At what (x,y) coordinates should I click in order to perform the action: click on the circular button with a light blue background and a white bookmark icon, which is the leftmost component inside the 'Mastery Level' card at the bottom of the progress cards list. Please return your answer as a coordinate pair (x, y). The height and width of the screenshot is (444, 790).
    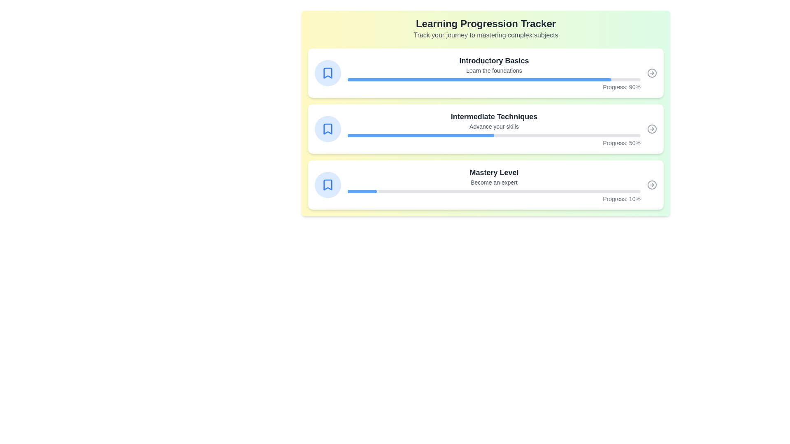
    Looking at the image, I should click on (327, 185).